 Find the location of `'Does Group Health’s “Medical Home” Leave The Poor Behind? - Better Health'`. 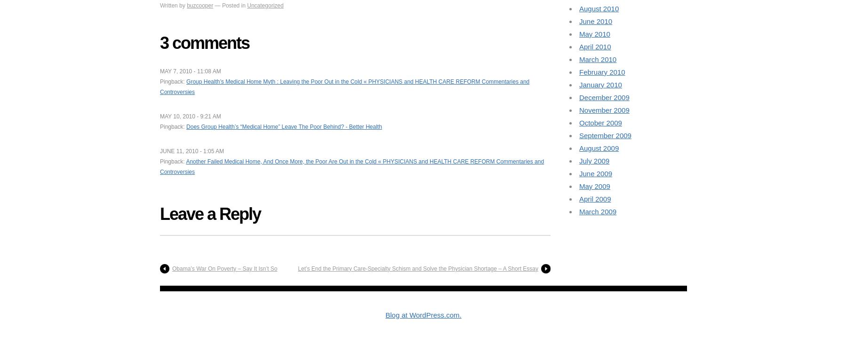

'Does Group Health’s “Medical Home” Leave The Poor Behind? - Better Health' is located at coordinates (186, 126).